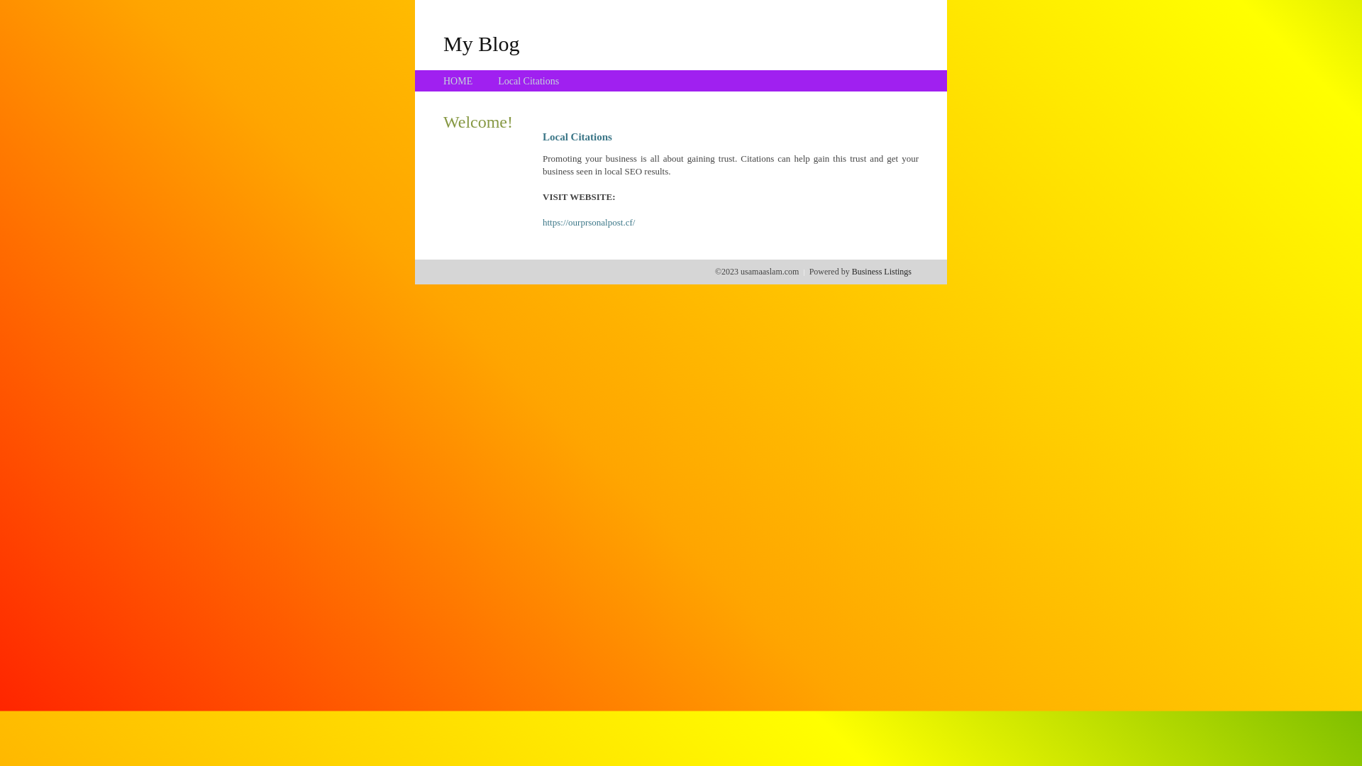 This screenshot has width=1362, height=766. What do you see at coordinates (458, 81) in the screenshot?
I see `'HOME'` at bounding box center [458, 81].